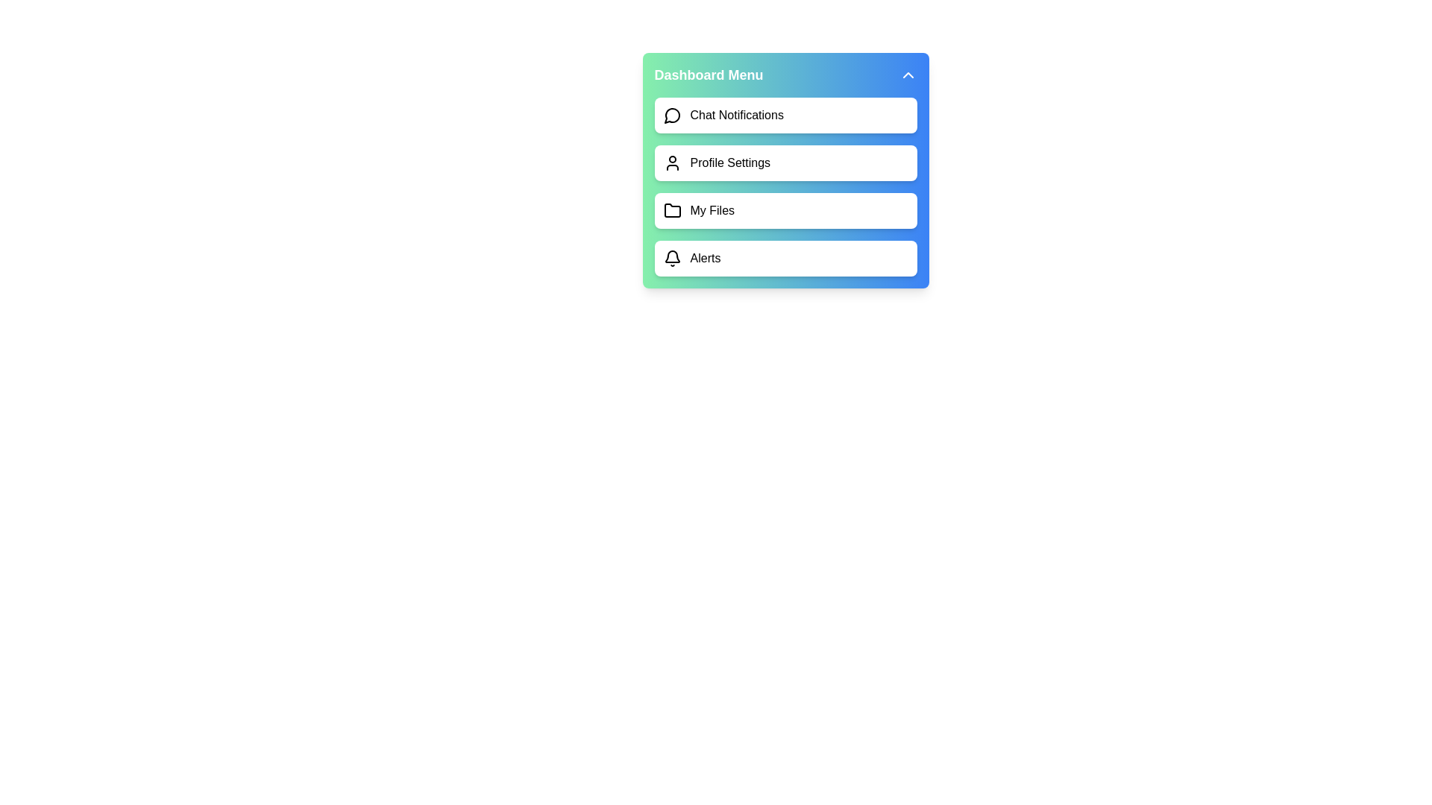 Image resolution: width=1432 pixels, height=805 pixels. I want to click on the menu item Alerts by clicking on it, so click(785, 258).